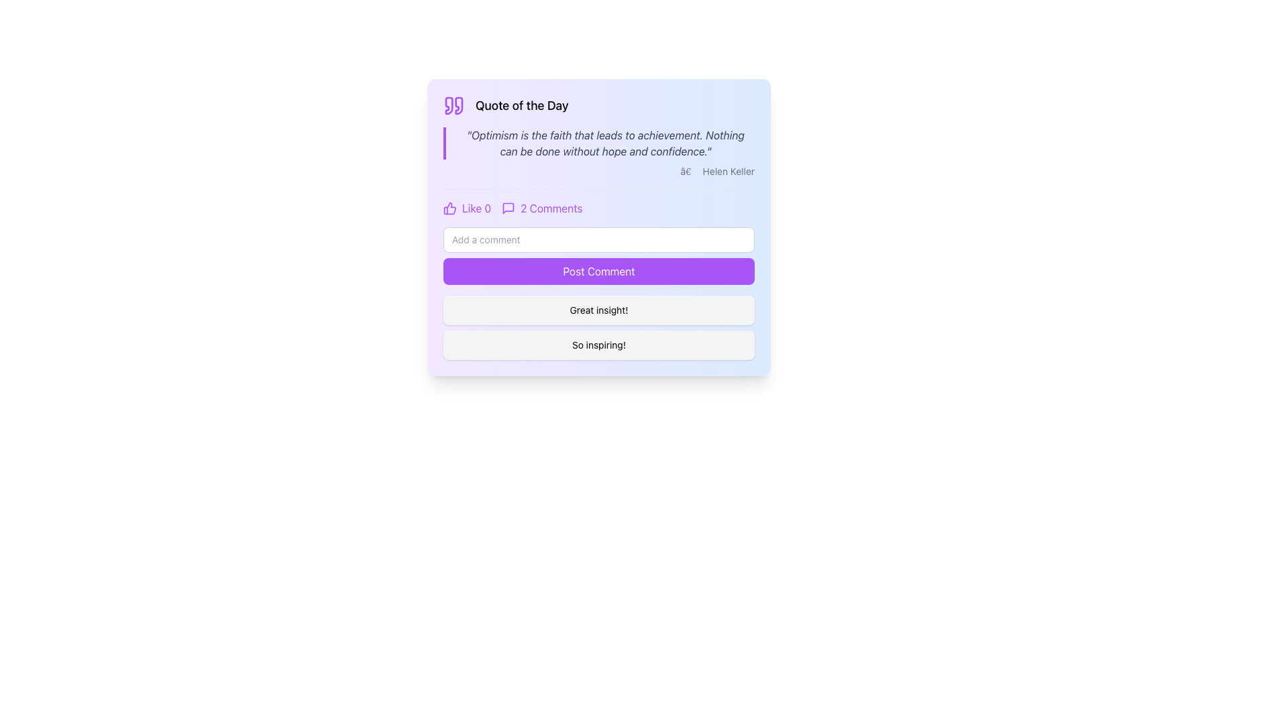 This screenshot has width=1288, height=724. I want to click on the purple thumbs-up icon located to the left of the 'Like' text below the quote, so click(449, 208).